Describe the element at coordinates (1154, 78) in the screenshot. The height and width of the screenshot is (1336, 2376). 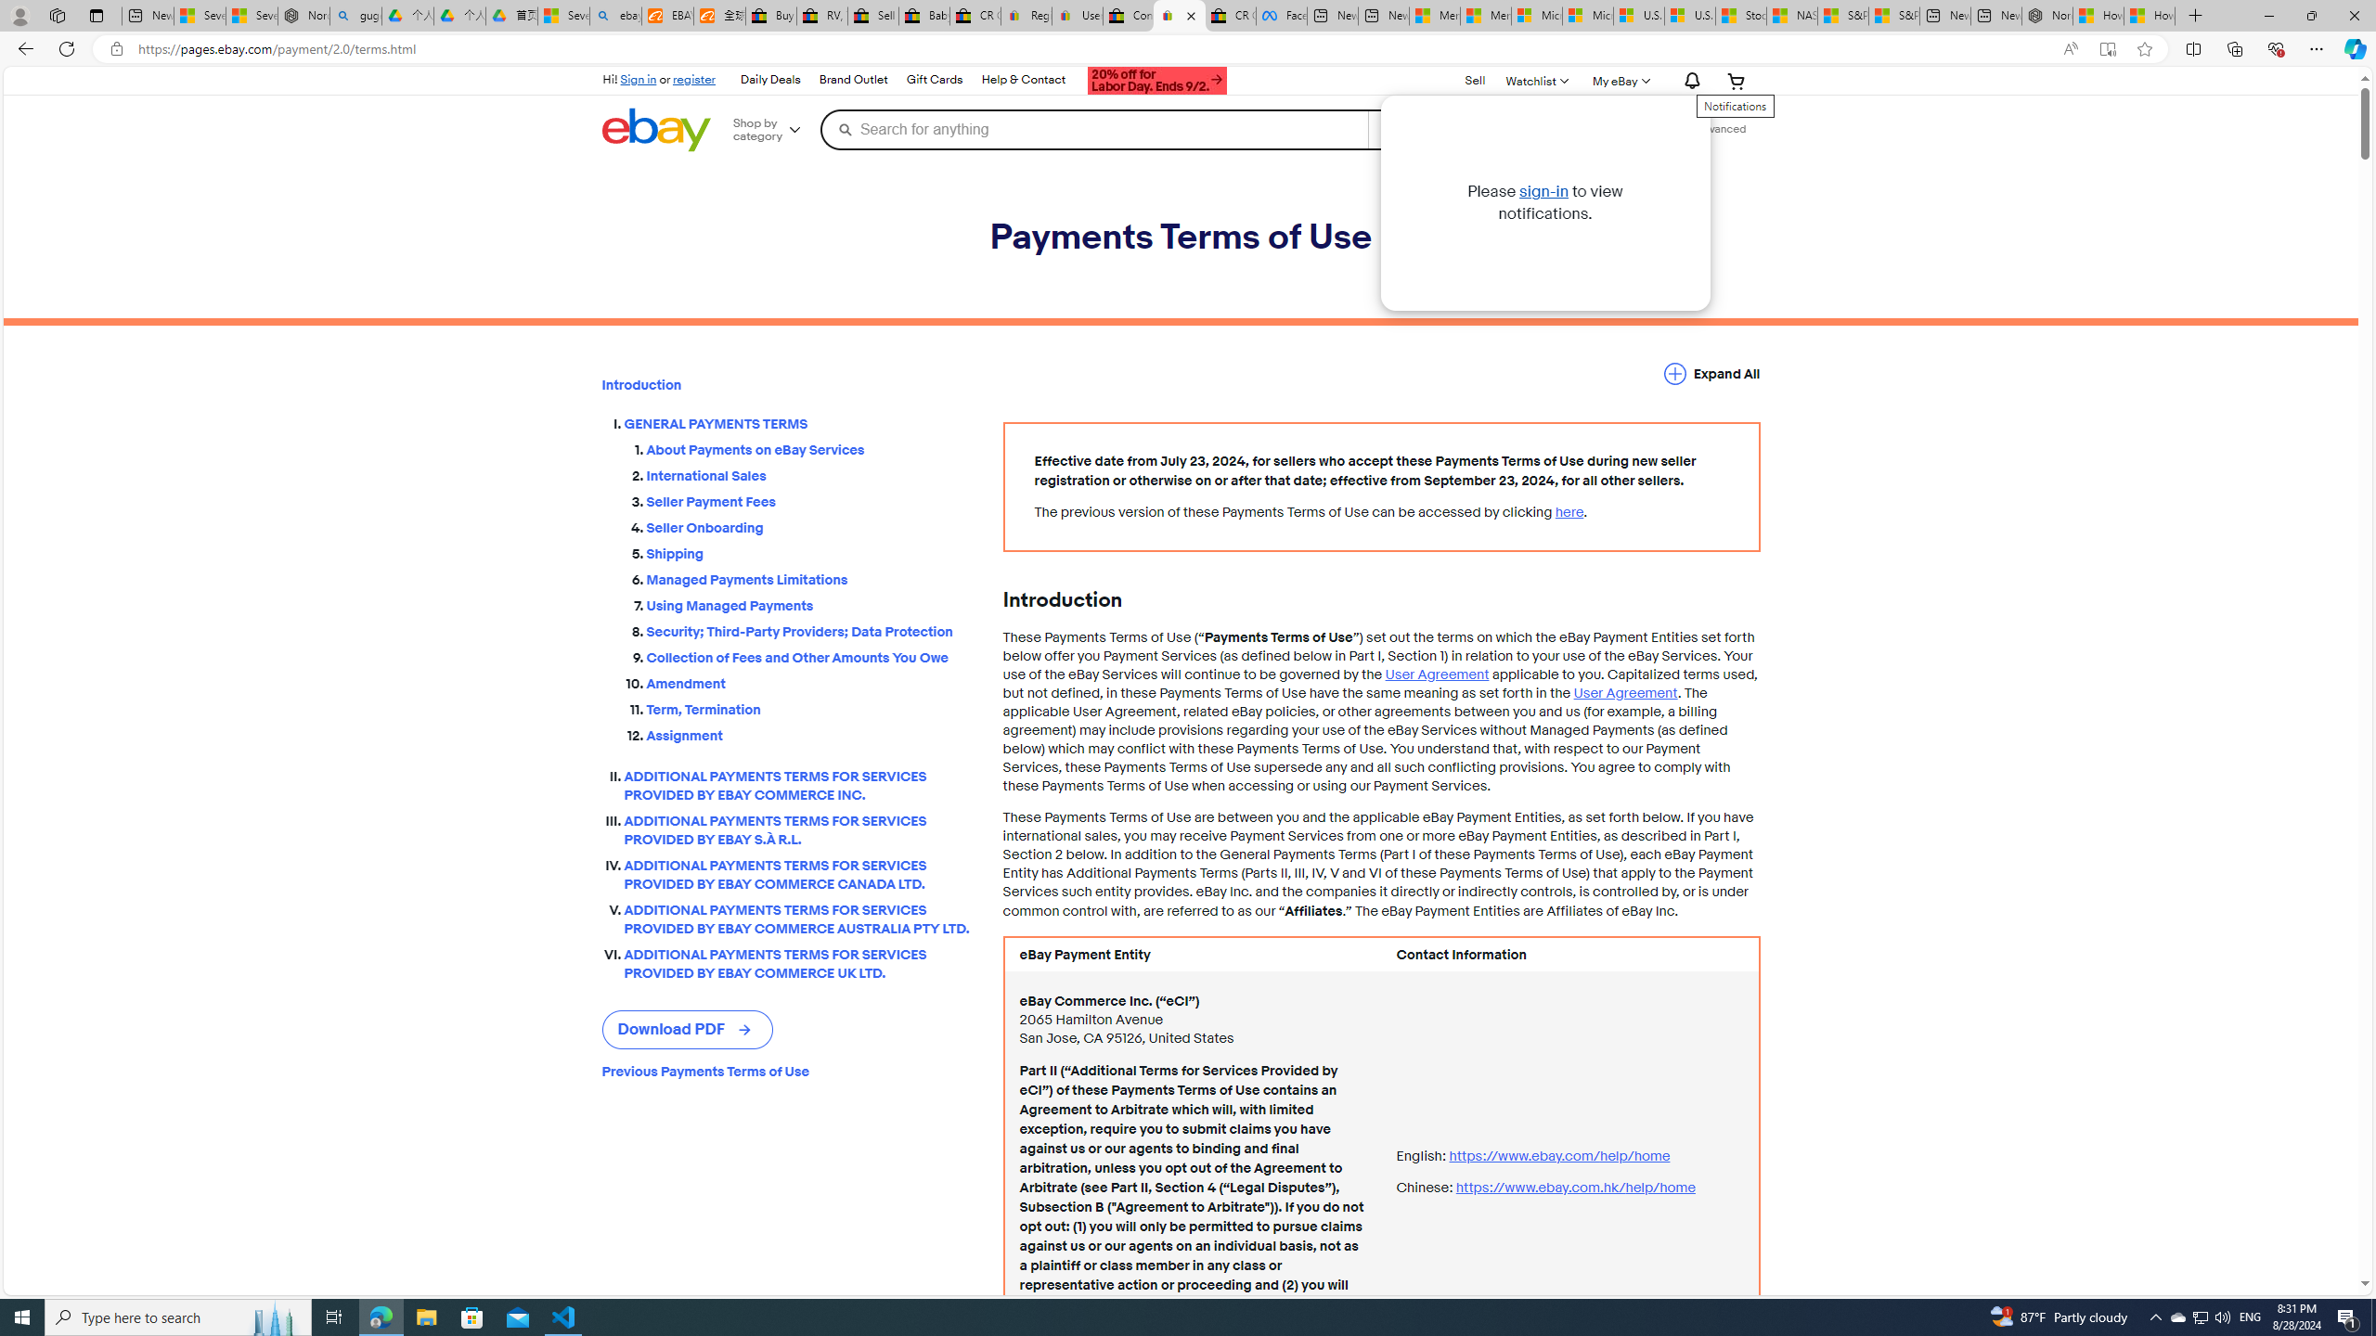
I see `'AutomationID: gh-ti'` at that location.